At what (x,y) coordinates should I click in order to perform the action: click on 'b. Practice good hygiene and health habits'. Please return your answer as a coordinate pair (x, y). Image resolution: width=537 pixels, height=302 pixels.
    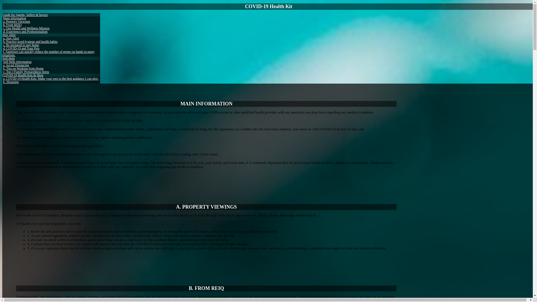
    Looking at the image, I should click on (30, 41).